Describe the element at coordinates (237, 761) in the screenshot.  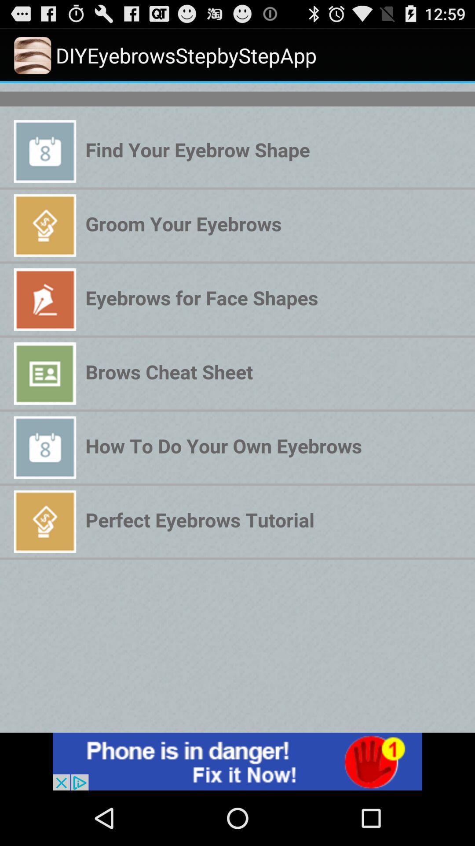
I see `advertisement` at that location.